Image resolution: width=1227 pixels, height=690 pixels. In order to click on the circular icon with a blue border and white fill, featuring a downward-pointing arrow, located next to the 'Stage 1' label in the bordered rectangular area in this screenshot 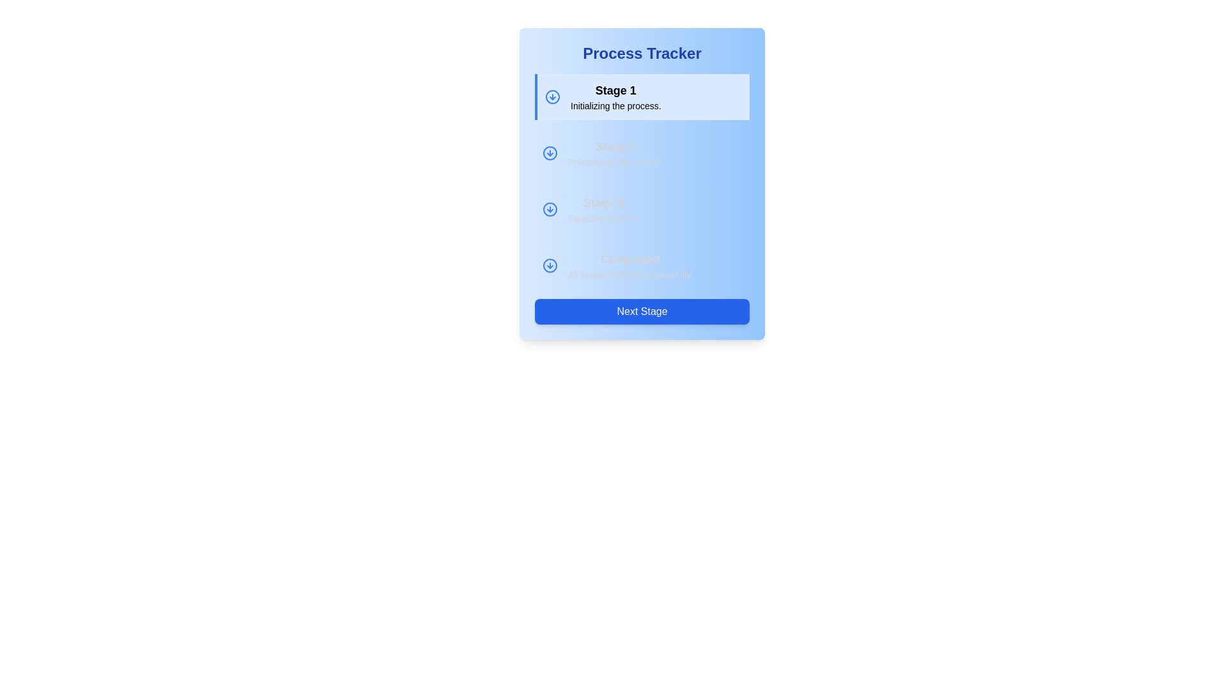, I will do `click(552, 96)`.